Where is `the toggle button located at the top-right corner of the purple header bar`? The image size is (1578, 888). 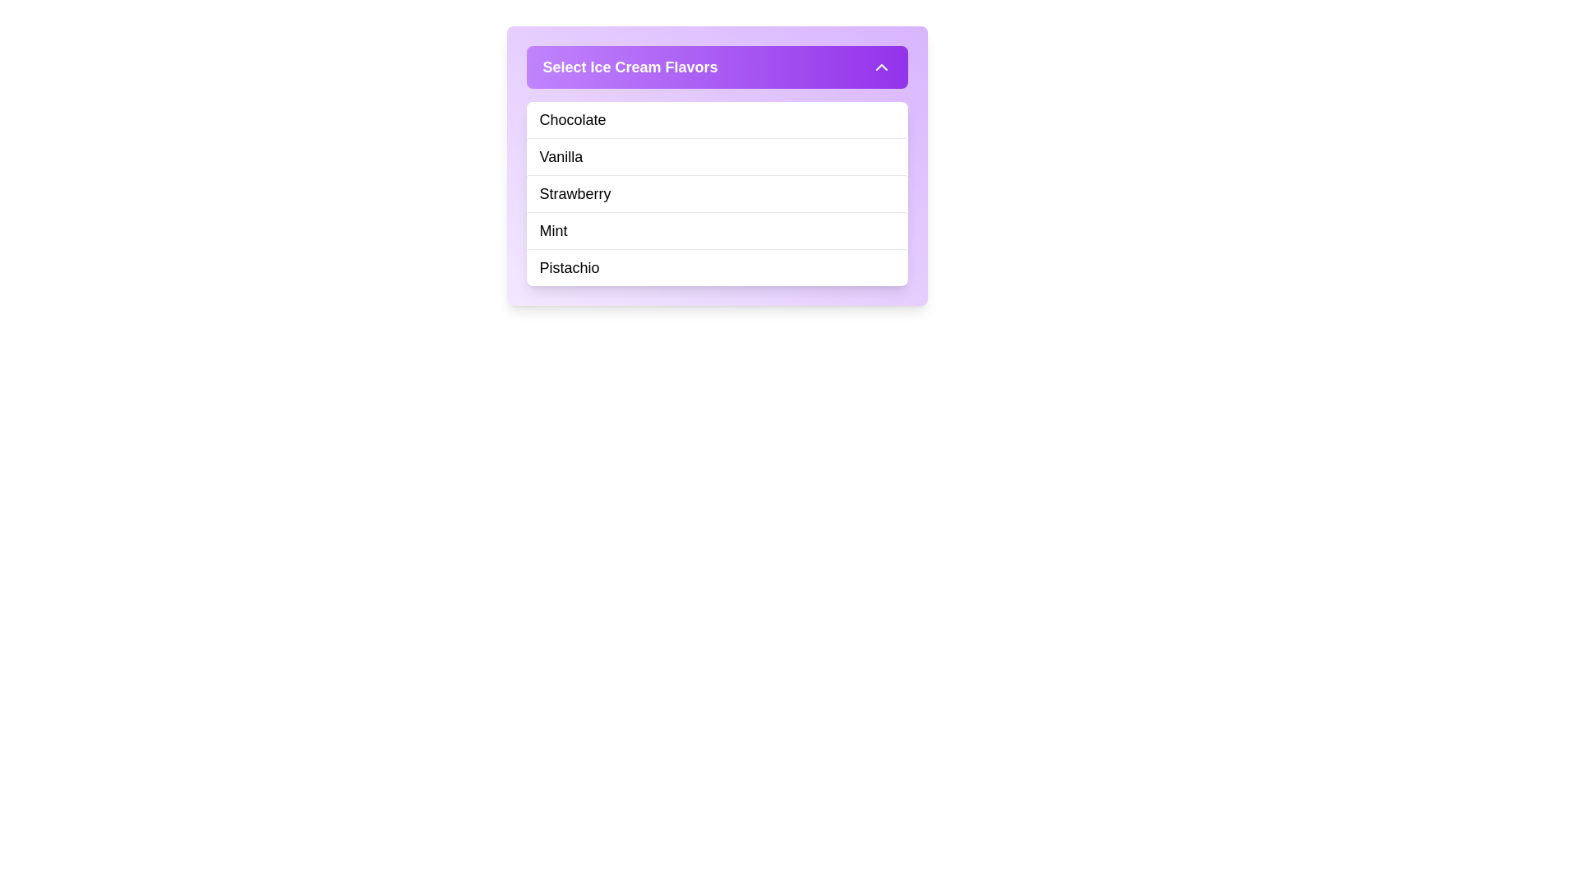
the toggle button located at the top-right corner of the purple header bar is located at coordinates (880, 66).